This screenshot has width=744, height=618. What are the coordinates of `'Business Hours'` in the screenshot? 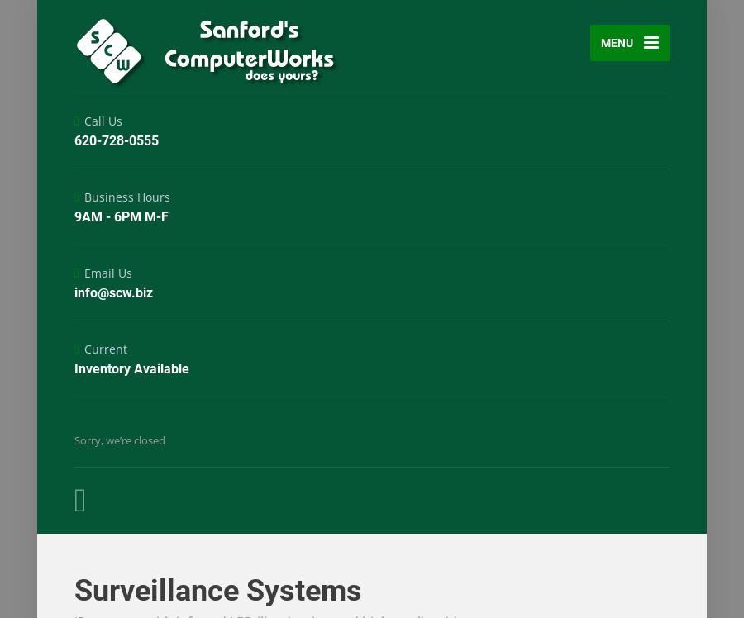 It's located at (82, 195).